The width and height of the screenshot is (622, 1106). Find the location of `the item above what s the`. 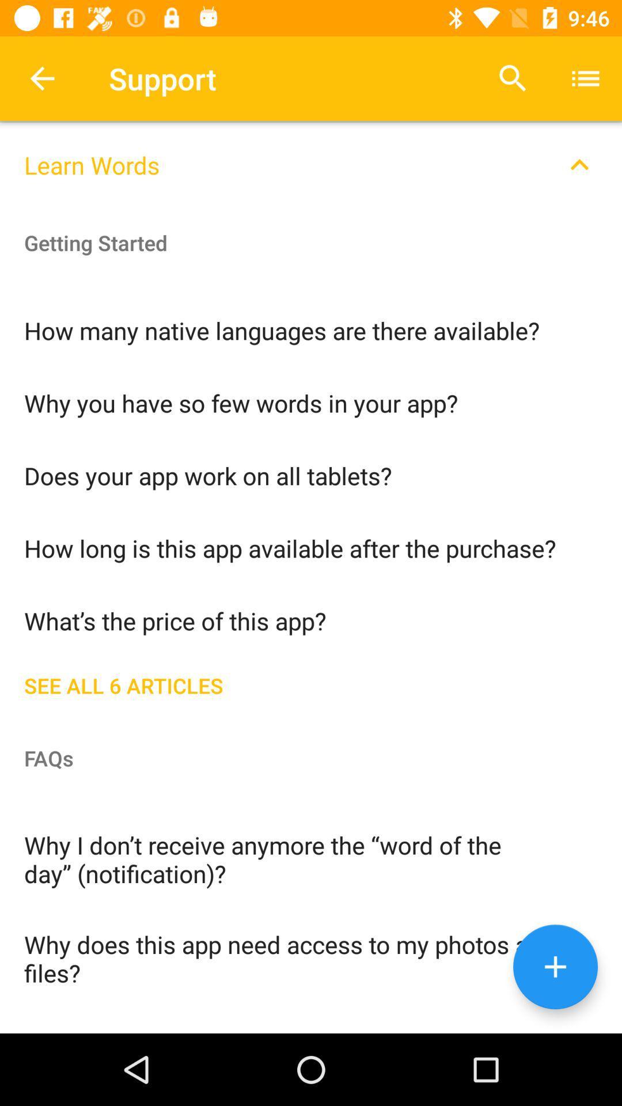

the item above what s the is located at coordinates (311, 547).